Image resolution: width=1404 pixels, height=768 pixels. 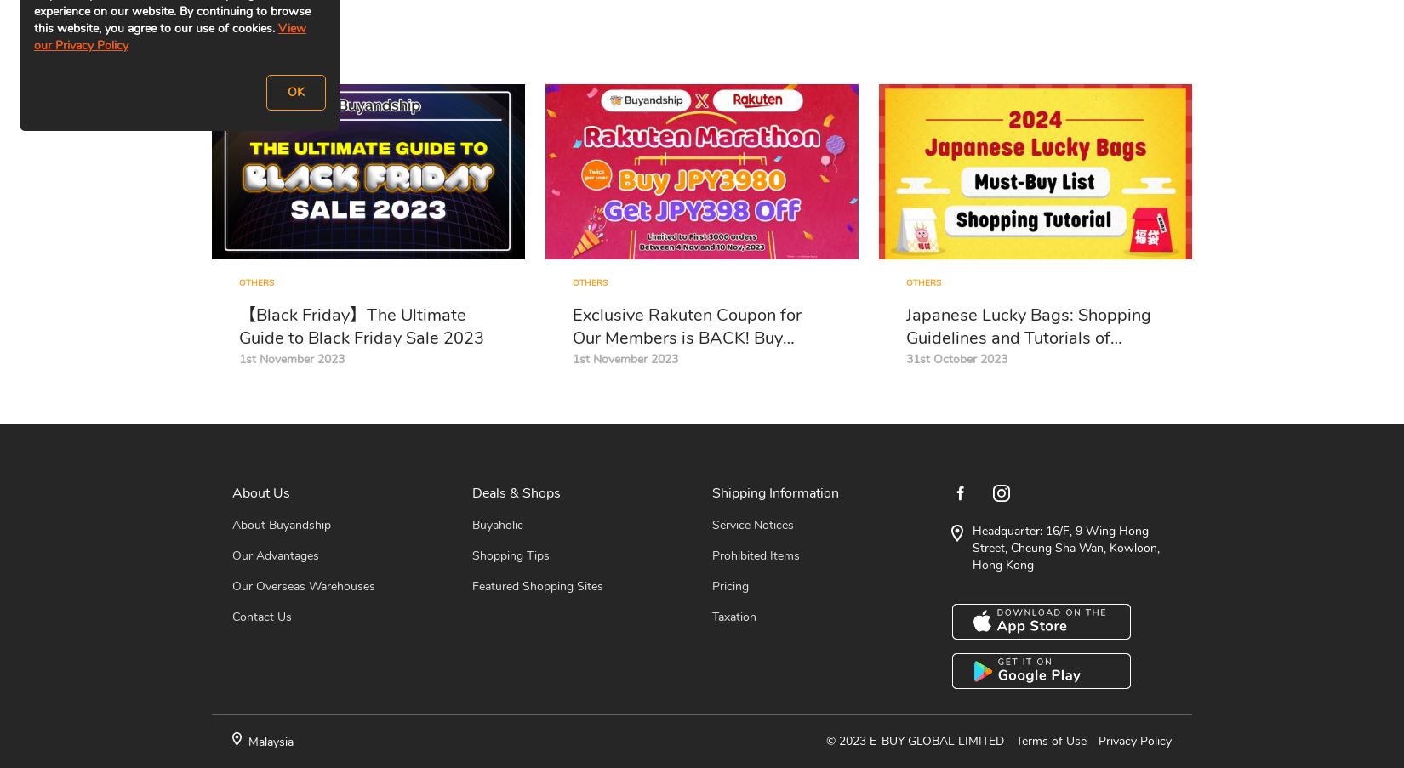 What do you see at coordinates (1051, 741) in the screenshot?
I see `'Terms of Use'` at bounding box center [1051, 741].